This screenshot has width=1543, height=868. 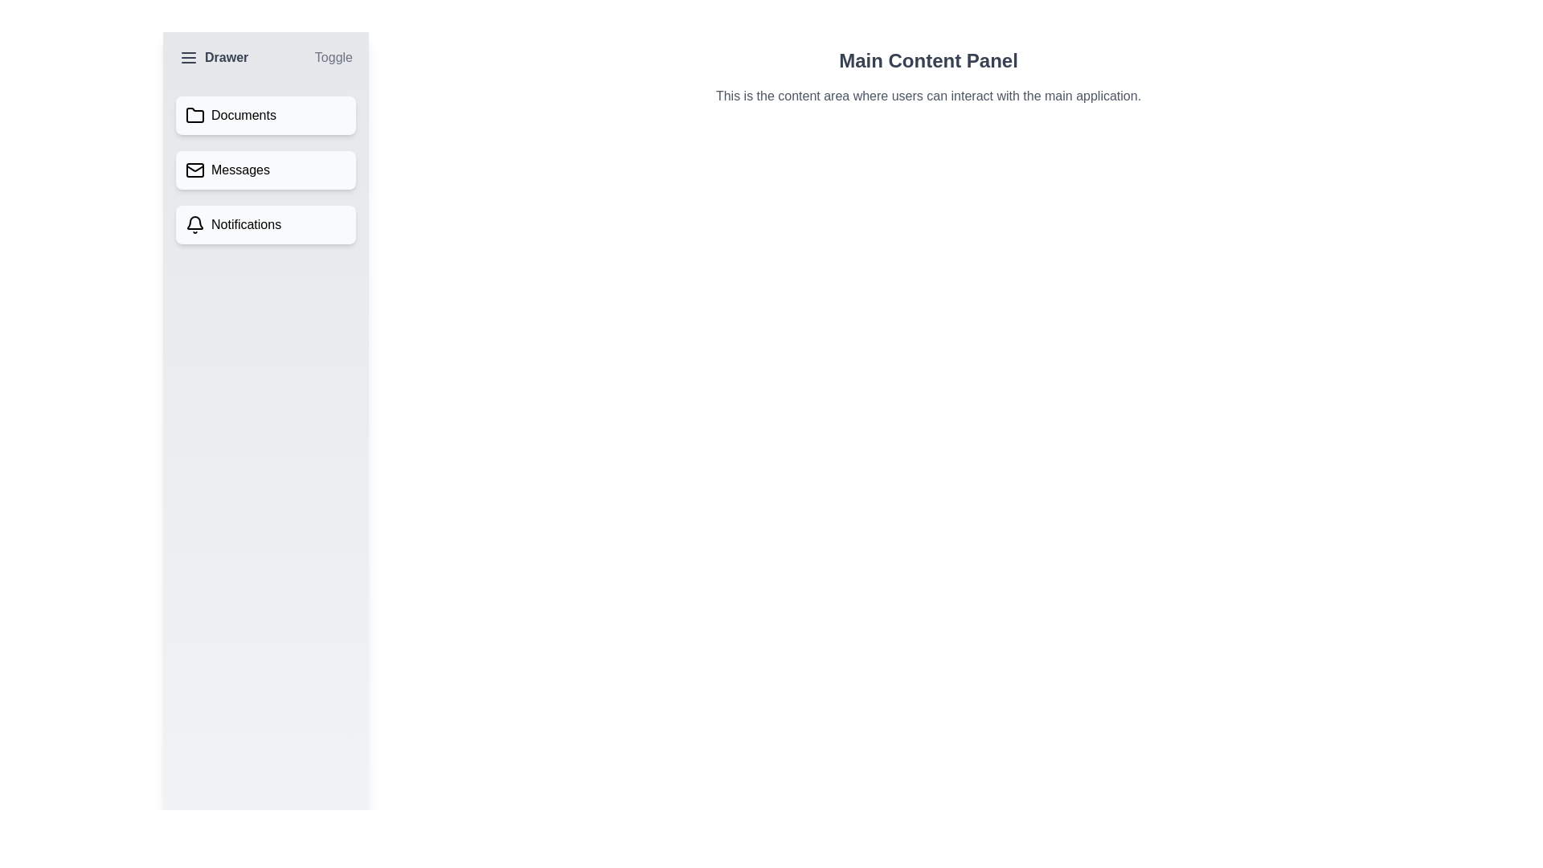 I want to click on the text label displaying 'Drawer' in bold, dark-gray font located in the top-left section of the vertical navigation pane, so click(x=226, y=57).